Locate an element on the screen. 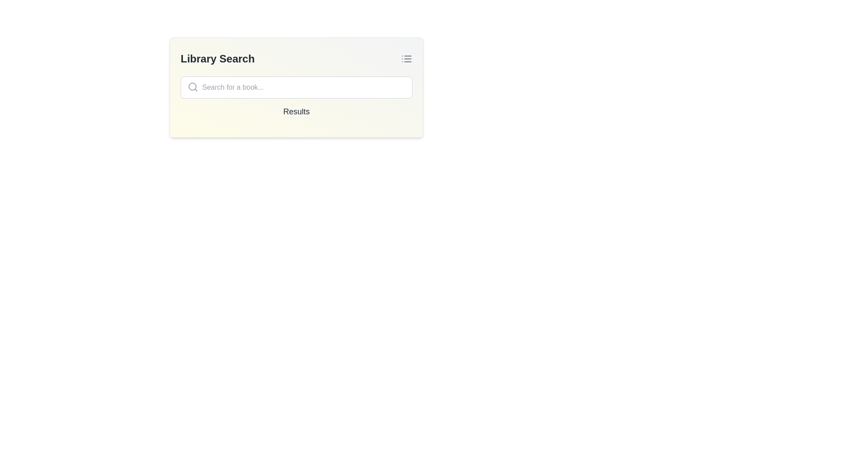  the search input field located in the bordered card interface below the title 'Library Search' is located at coordinates (296, 88).